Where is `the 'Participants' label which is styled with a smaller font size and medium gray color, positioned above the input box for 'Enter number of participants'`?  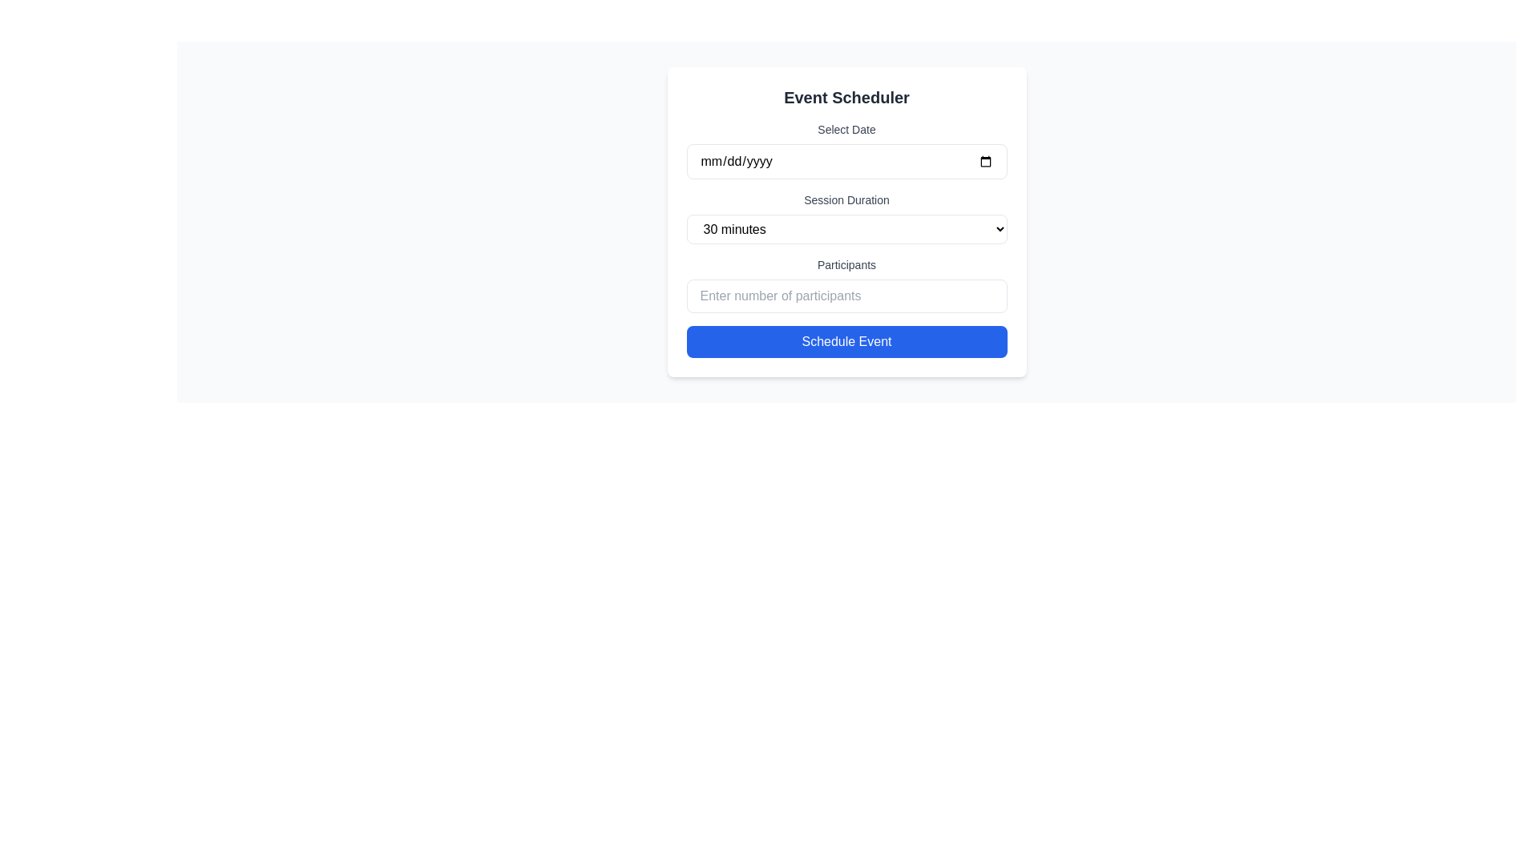 the 'Participants' label which is styled with a smaller font size and medium gray color, positioned above the input box for 'Enter number of participants' is located at coordinates (846, 264).